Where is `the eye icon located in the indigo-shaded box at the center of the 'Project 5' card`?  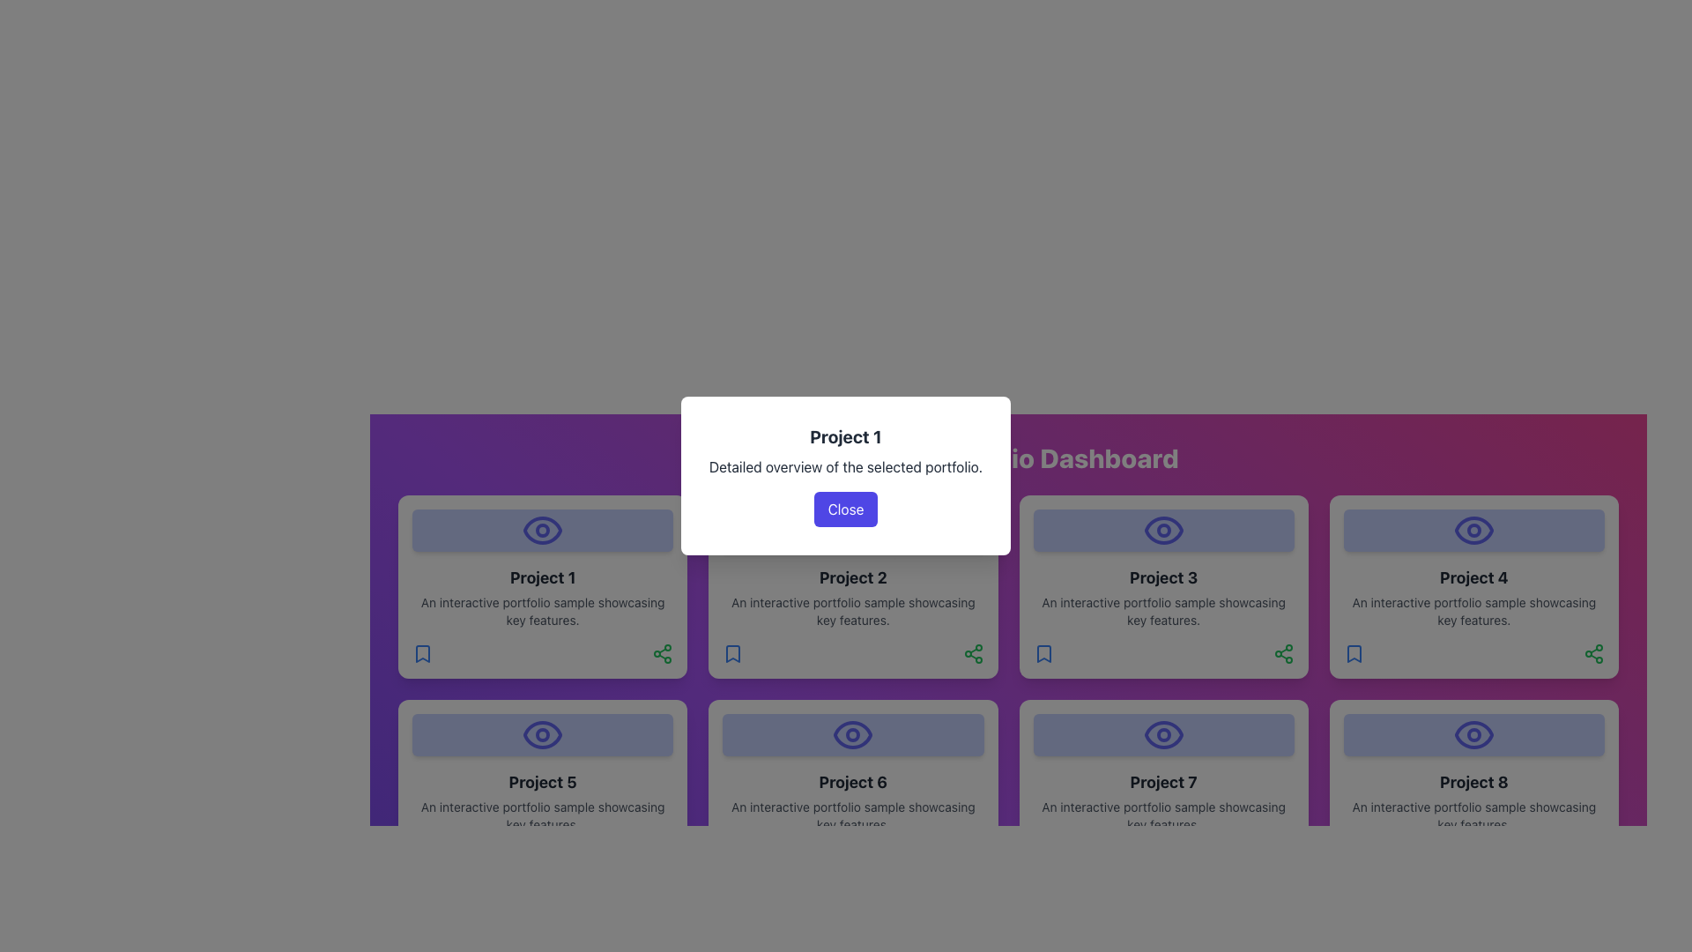
the eye icon located in the indigo-shaded box at the center of the 'Project 5' card is located at coordinates (542, 734).